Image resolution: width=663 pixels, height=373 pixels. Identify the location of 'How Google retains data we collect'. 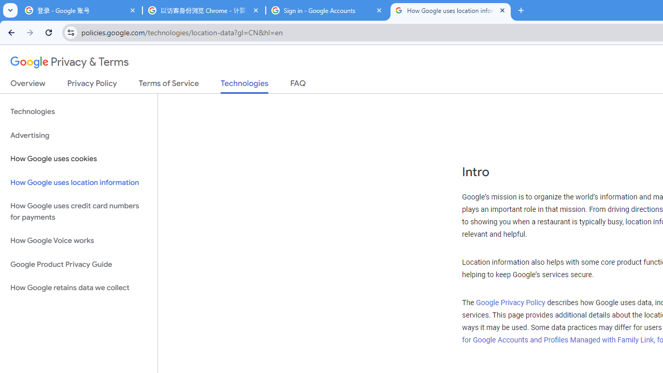
(78, 288).